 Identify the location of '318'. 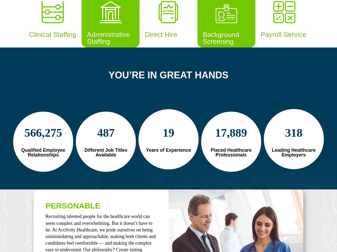
(293, 133).